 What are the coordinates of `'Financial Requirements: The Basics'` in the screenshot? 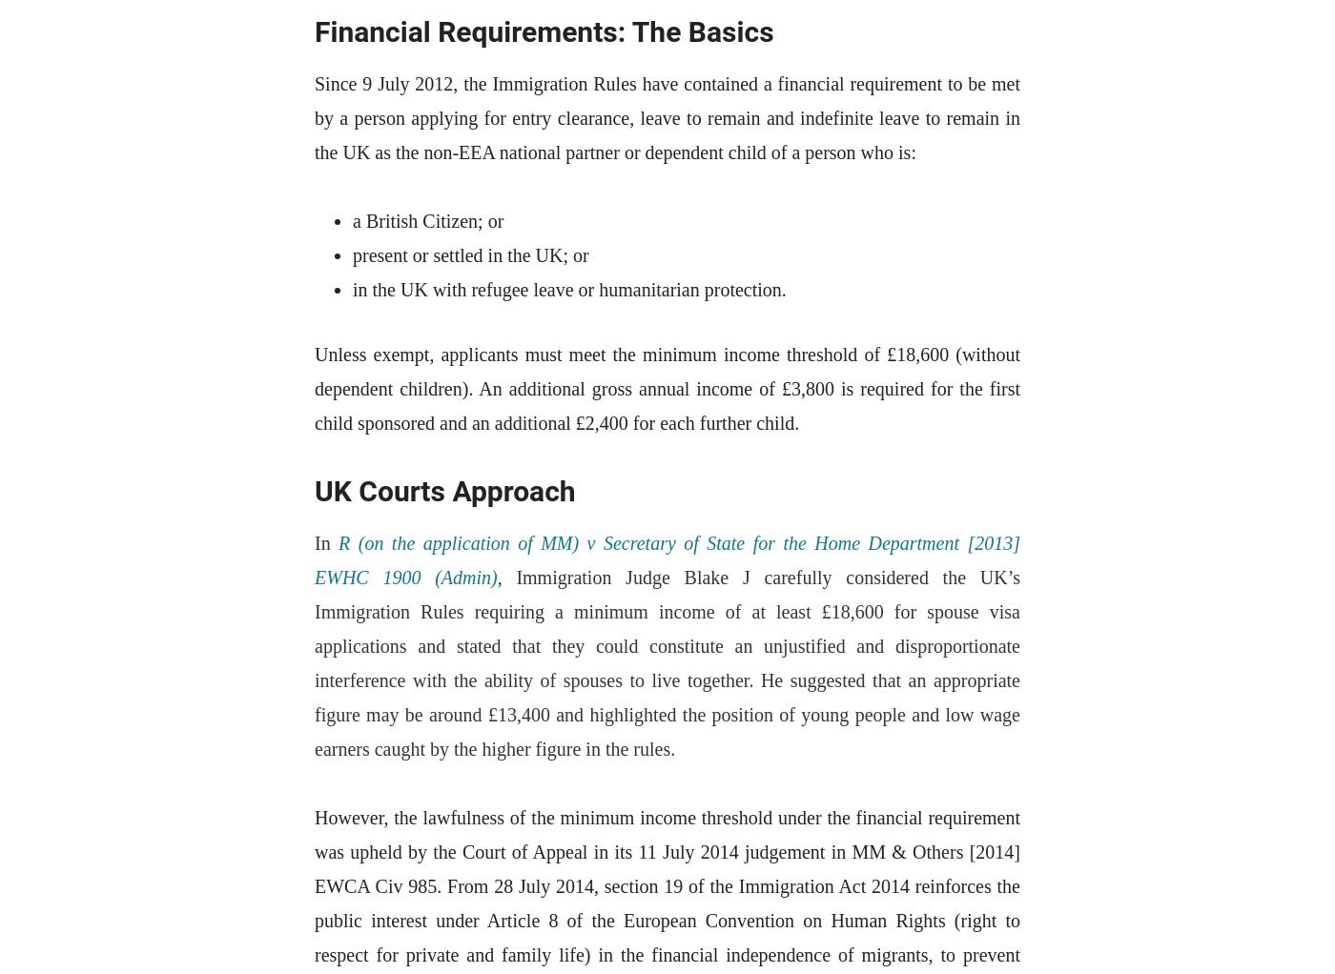 It's located at (314, 30).